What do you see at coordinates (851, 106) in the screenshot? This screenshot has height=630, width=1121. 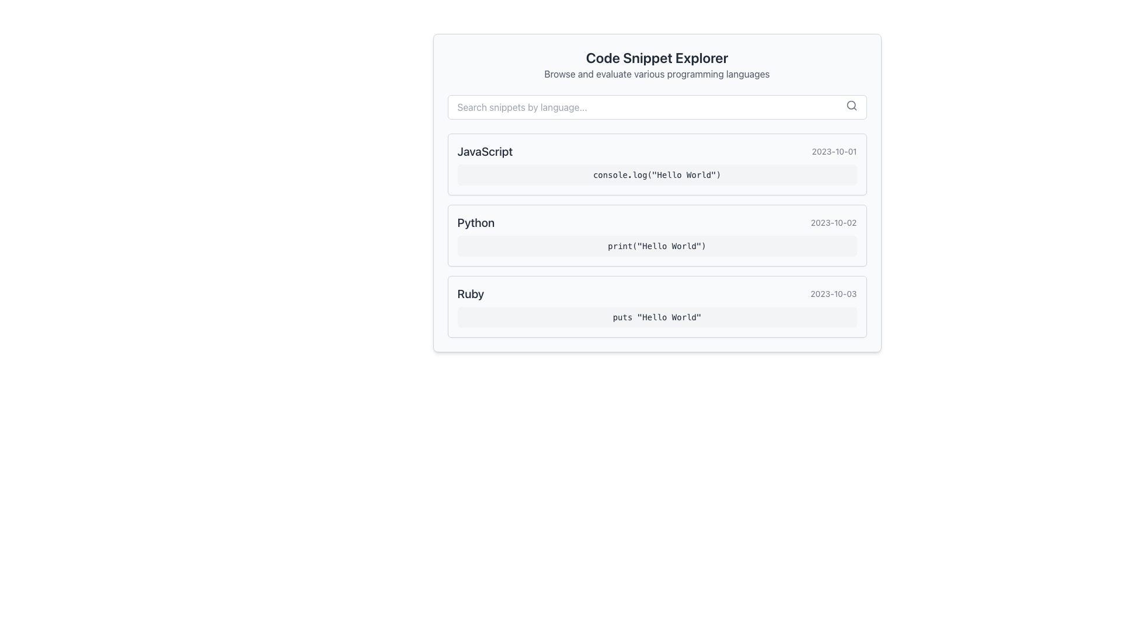 I see `the search icon represented by a magnifying glass located in the top-right corner of the search bar` at bounding box center [851, 106].